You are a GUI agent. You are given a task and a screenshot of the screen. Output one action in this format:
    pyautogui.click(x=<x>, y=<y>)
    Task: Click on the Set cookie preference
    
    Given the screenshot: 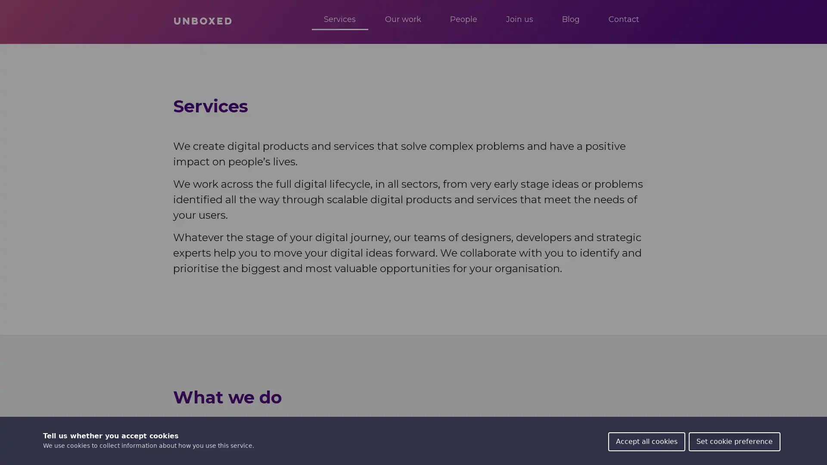 What is the action you would take?
    pyautogui.click(x=734, y=442)
    